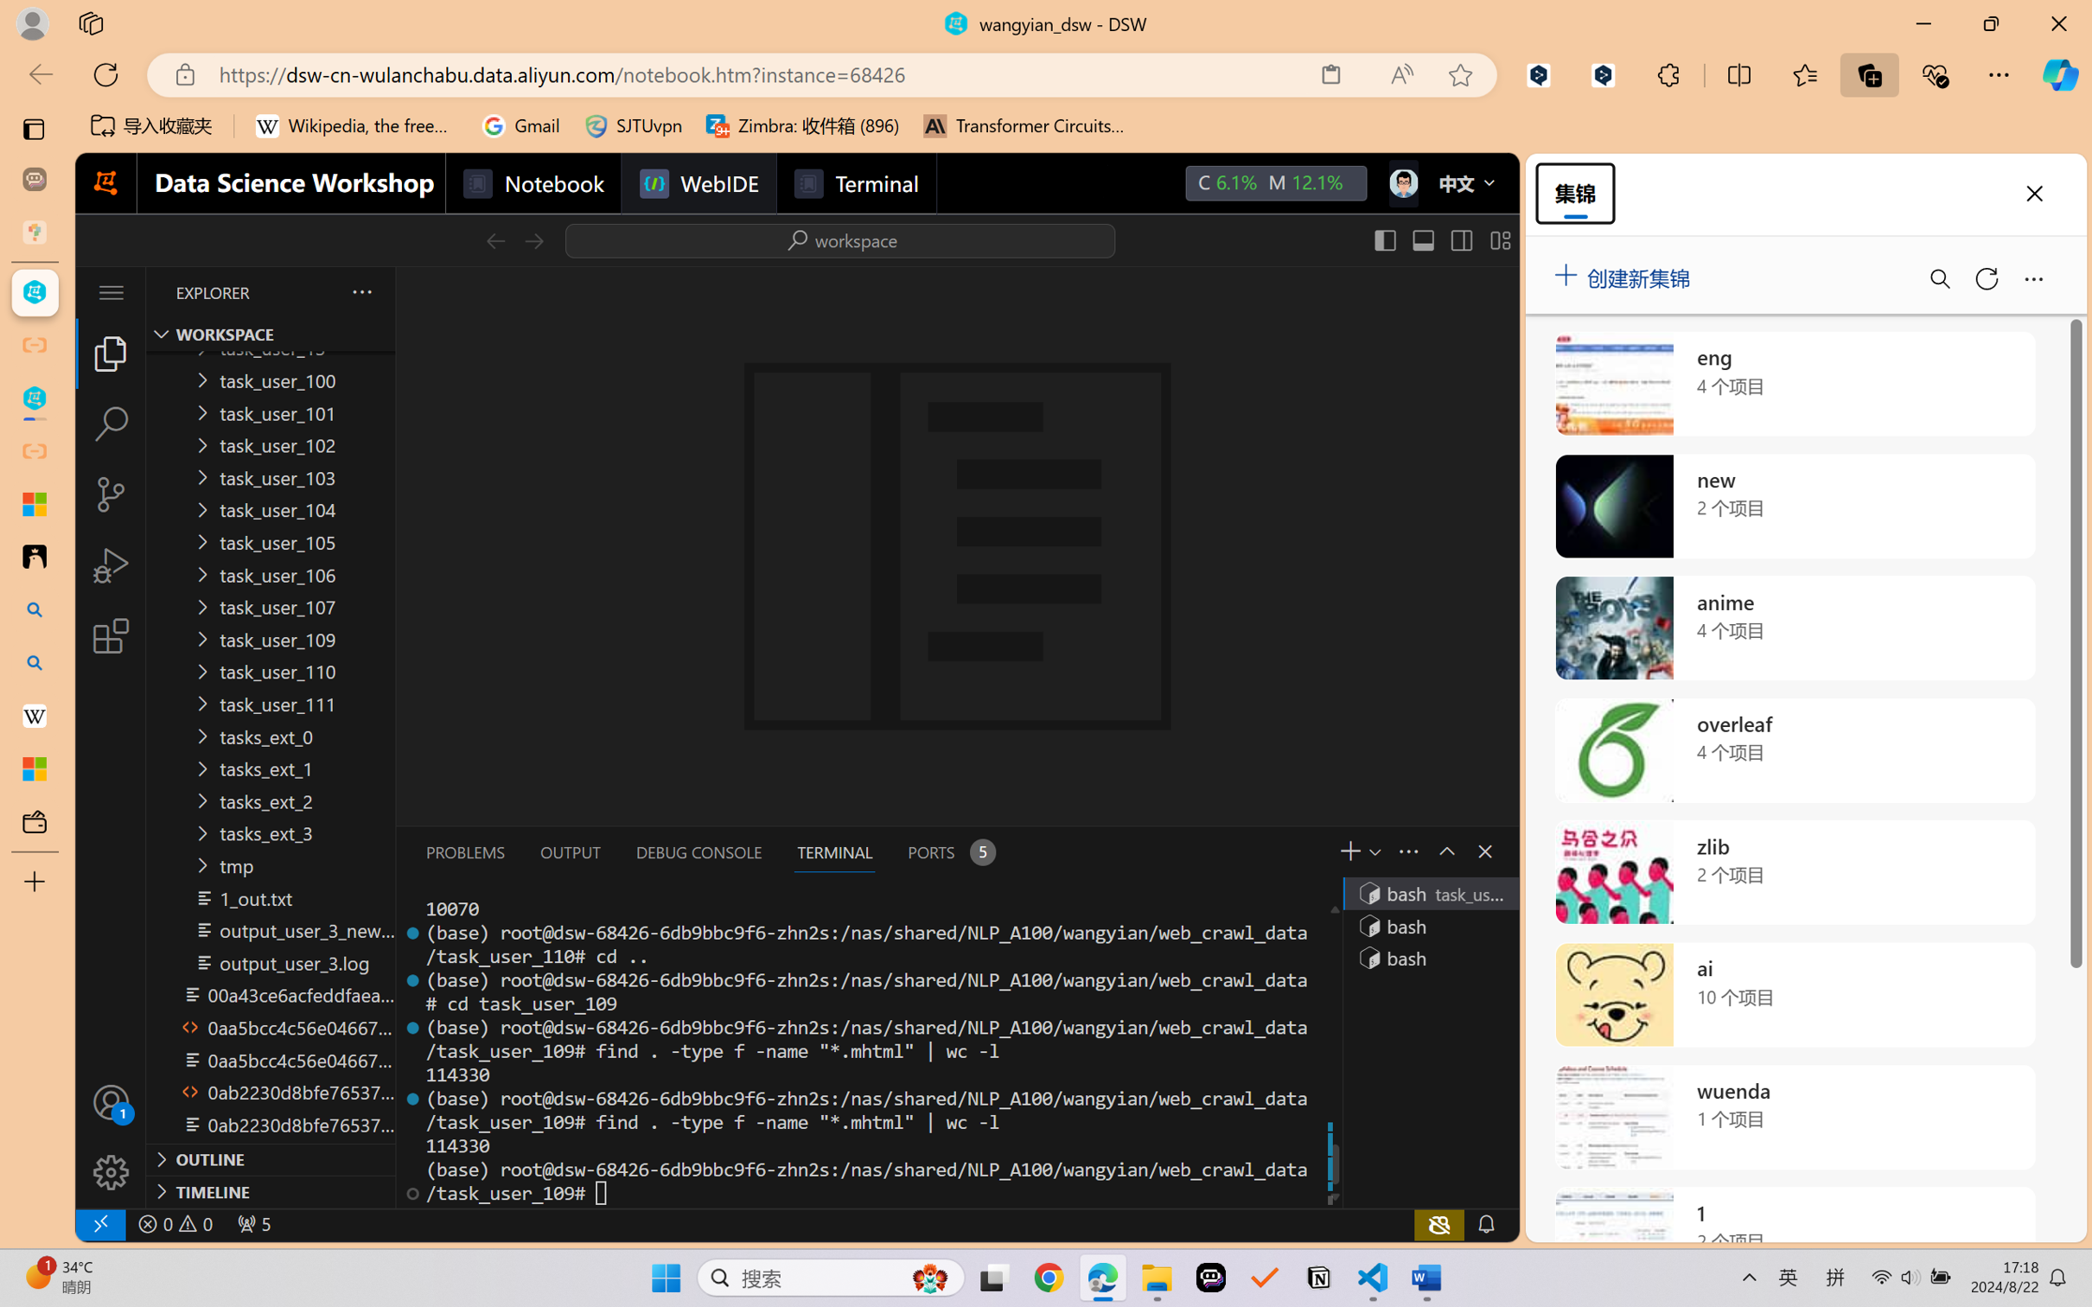  Describe the element at coordinates (34, 715) in the screenshot. I see `'Earth - Wikipedia'` at that location.